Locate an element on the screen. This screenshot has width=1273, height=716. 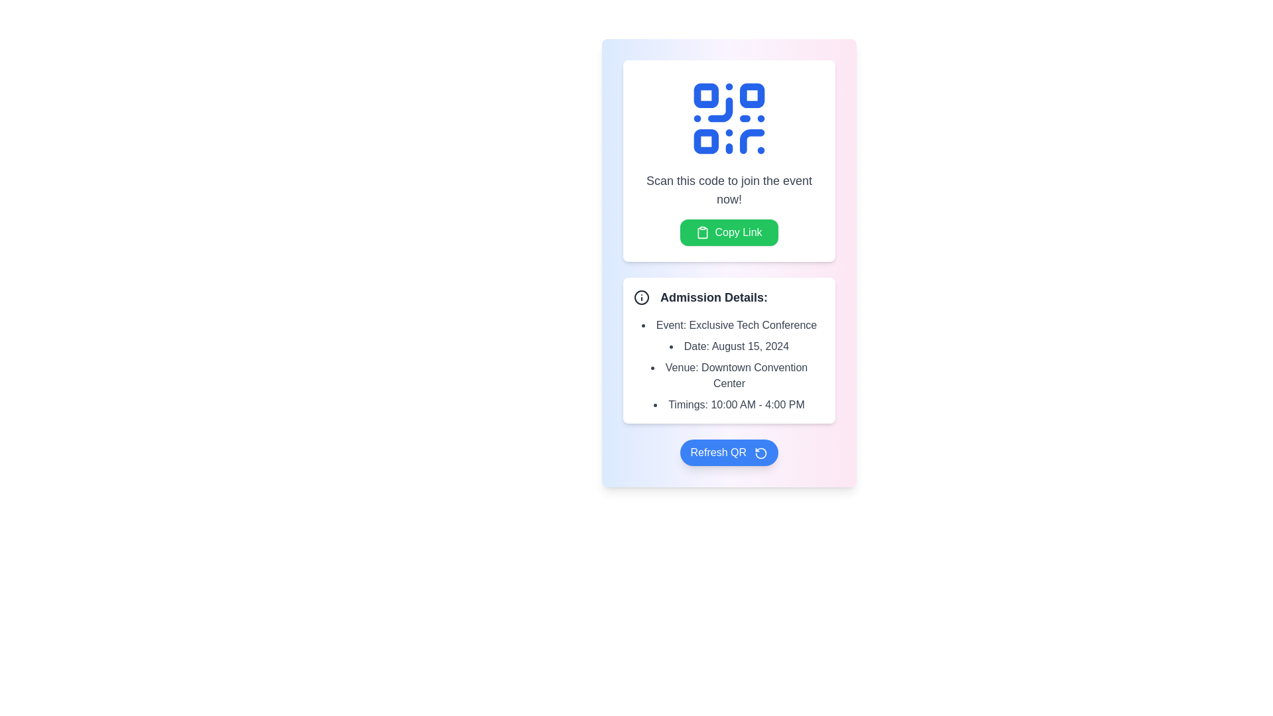
the text label that displays event timing information, located at the bottom-right quadrant of the interface under 'Admission Details' is located at coordinates (728, 404).